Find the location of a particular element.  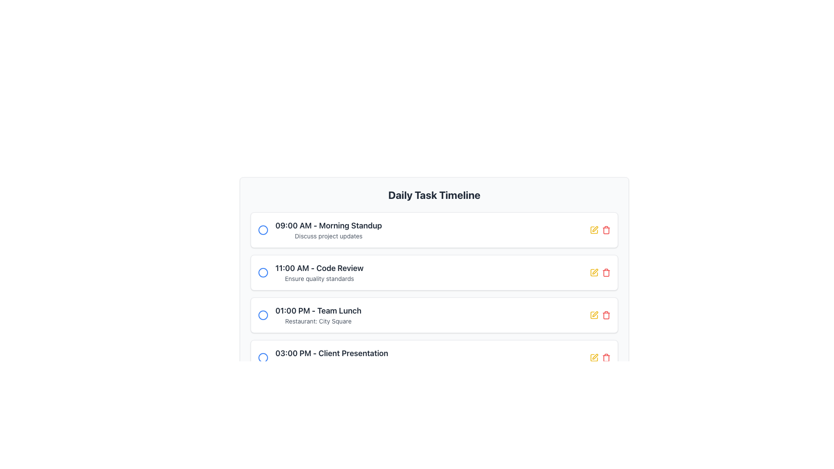

the text block displaying '01:00 PM - Team Lunch' and 'Restaurant: City Square' is located at coordinates (318, 315).